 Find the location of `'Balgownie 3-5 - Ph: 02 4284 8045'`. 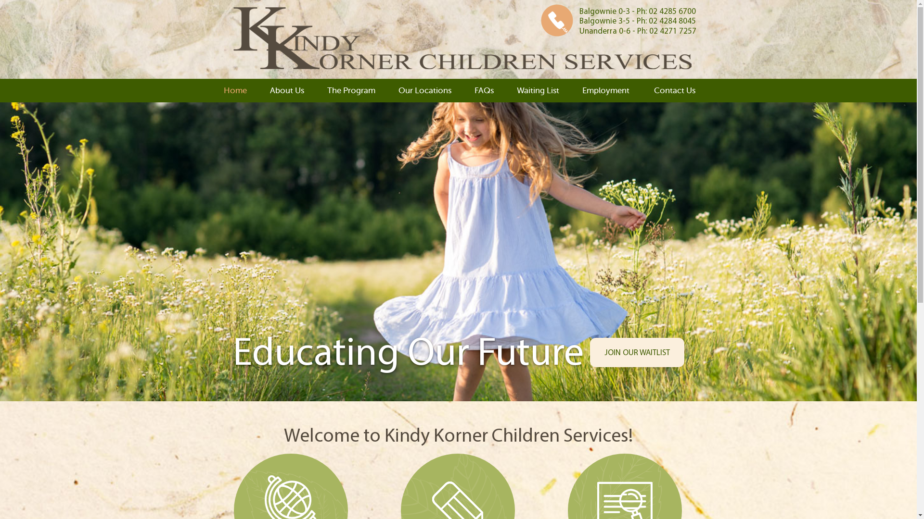

'Balgownie 3-5 - Ph: 02 4284 8045' is located at coordinates (637, 21).